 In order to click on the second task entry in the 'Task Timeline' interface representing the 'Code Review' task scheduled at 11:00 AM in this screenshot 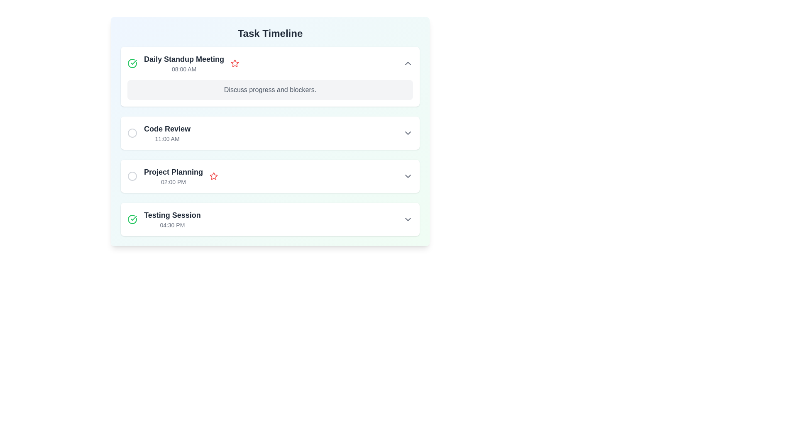, I will do `click(270, 132)`.